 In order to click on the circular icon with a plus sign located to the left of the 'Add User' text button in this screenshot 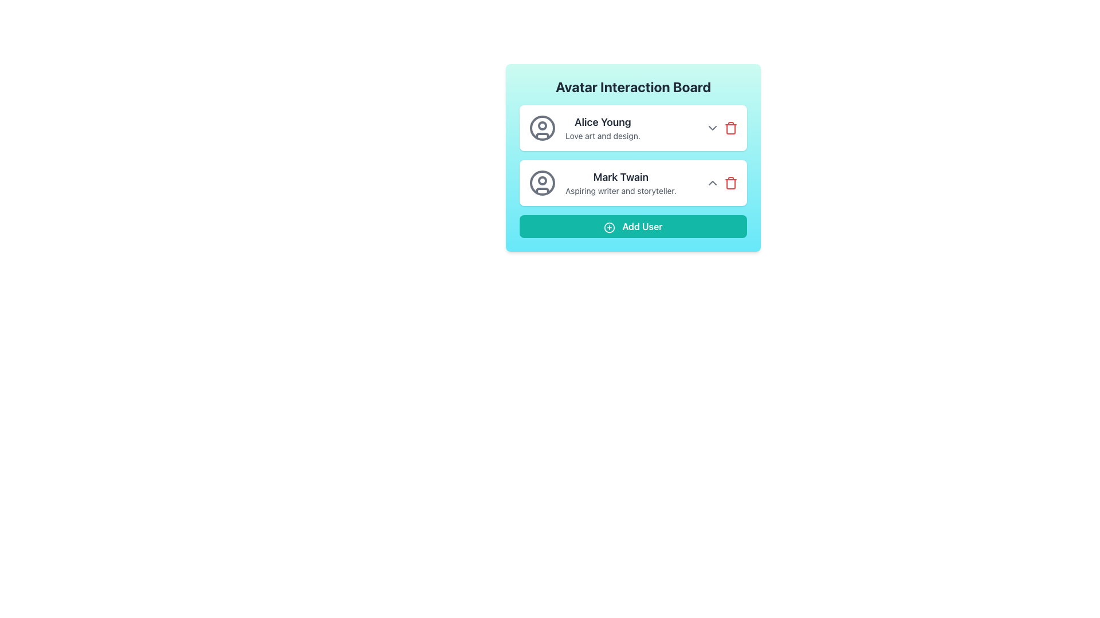, I will do `click(609, 227)`.